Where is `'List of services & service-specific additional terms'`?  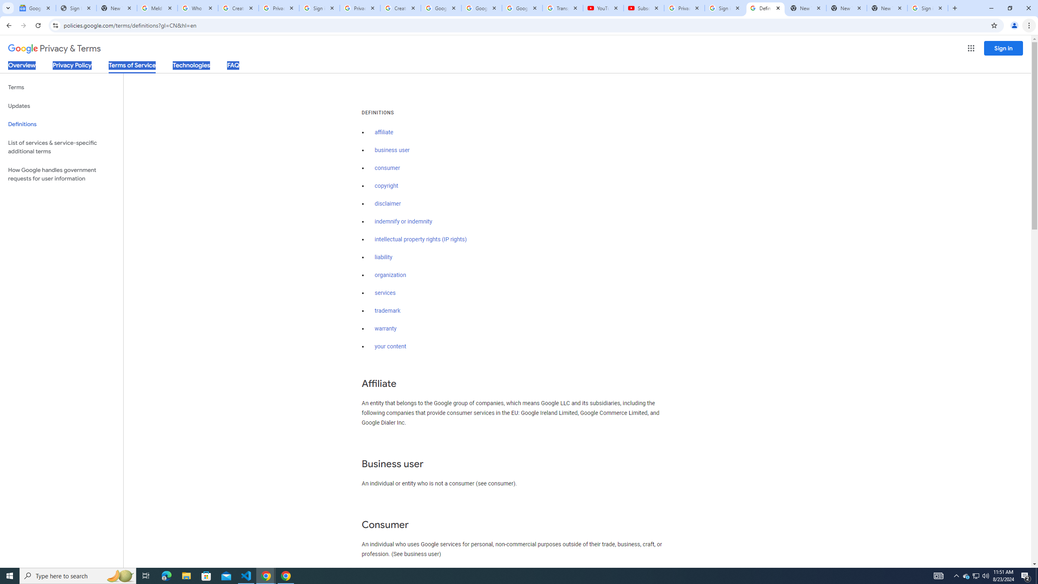
'List of services & service-specific additional terms' is located at coordinates (61, 146).